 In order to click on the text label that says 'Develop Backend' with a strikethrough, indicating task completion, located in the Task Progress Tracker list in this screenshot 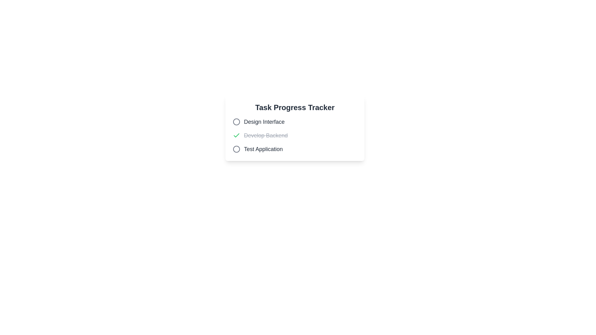, I will do `click(266, 135)`.